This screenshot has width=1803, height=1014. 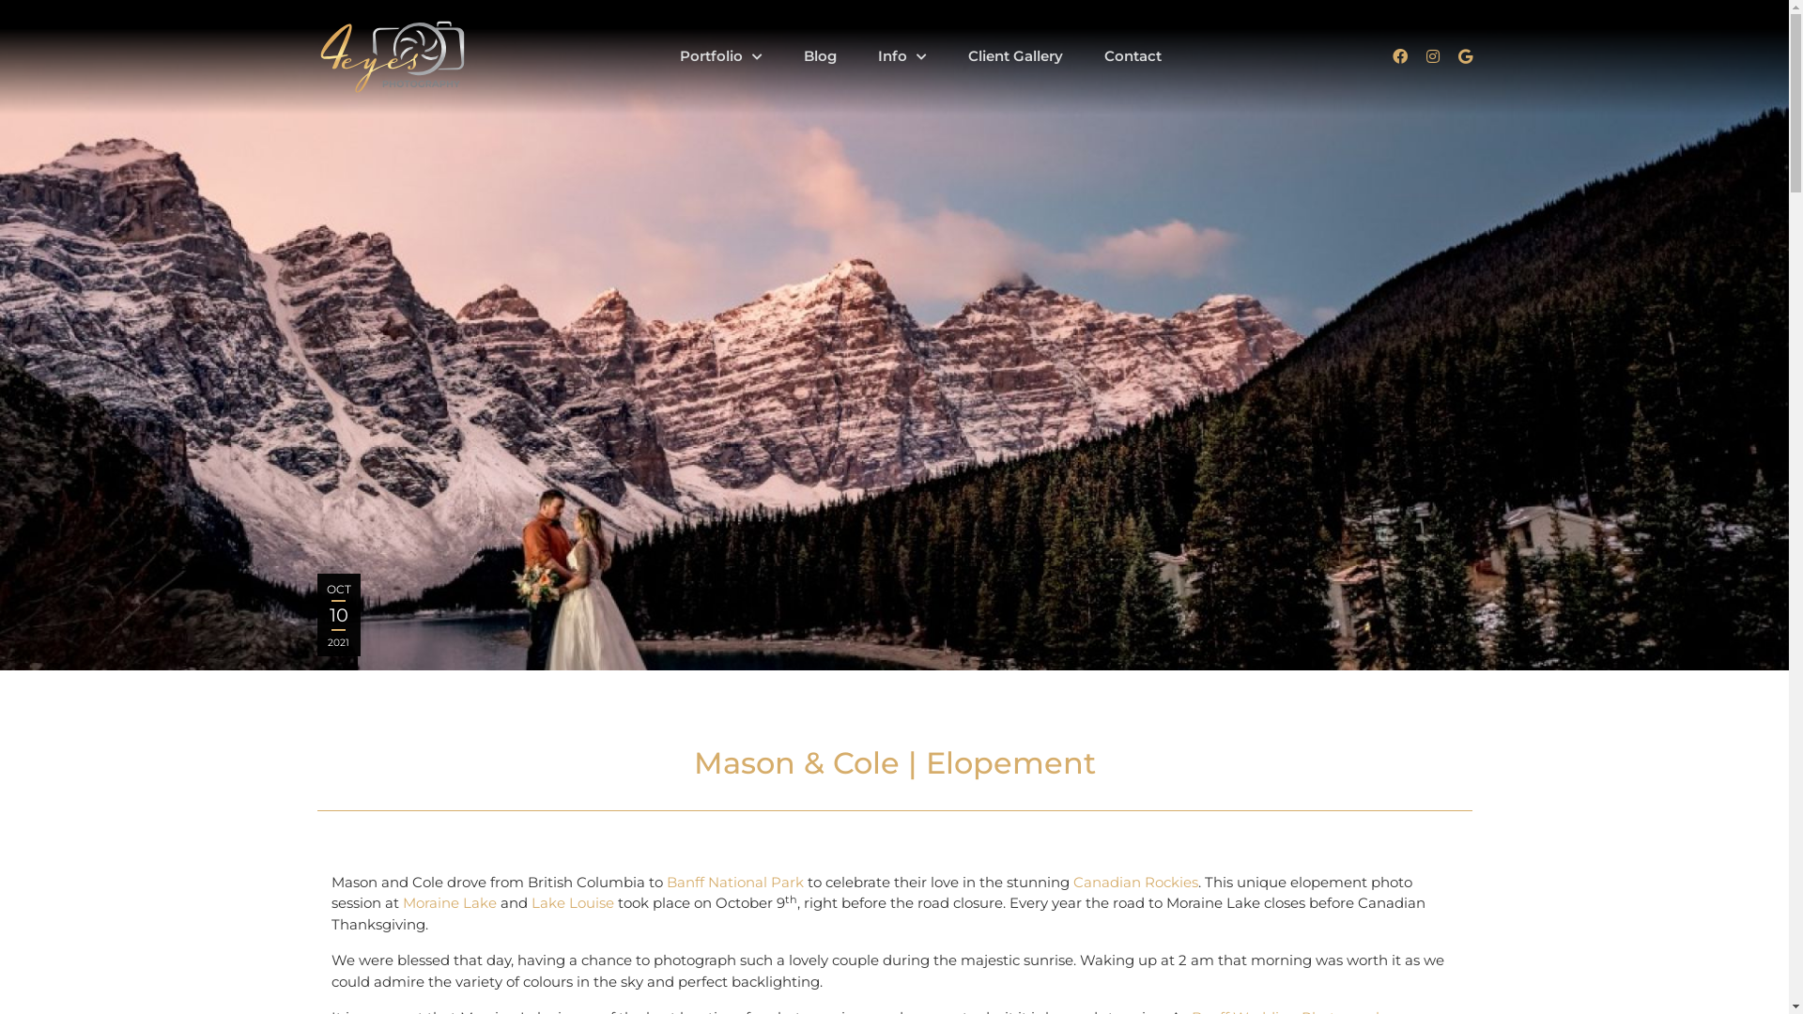 What do you see at coordinates (1398, 55) in the screenshot?
I see `'Facebook'` at bounding box center [1398, 55].